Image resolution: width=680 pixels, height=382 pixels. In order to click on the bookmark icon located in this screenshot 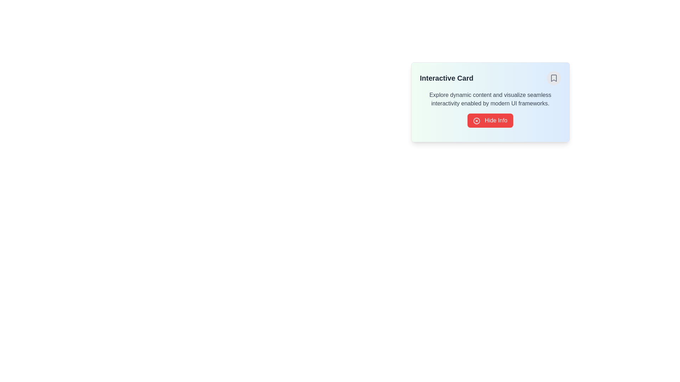, I will do `click(553, 78)`.